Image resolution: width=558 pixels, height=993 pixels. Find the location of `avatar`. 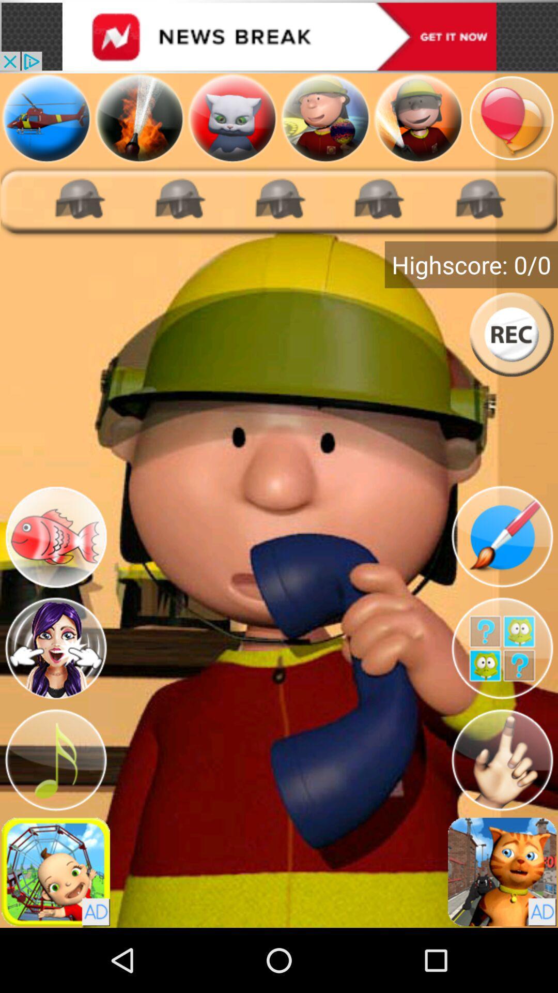

avatar is located at coordinates (419, 118).